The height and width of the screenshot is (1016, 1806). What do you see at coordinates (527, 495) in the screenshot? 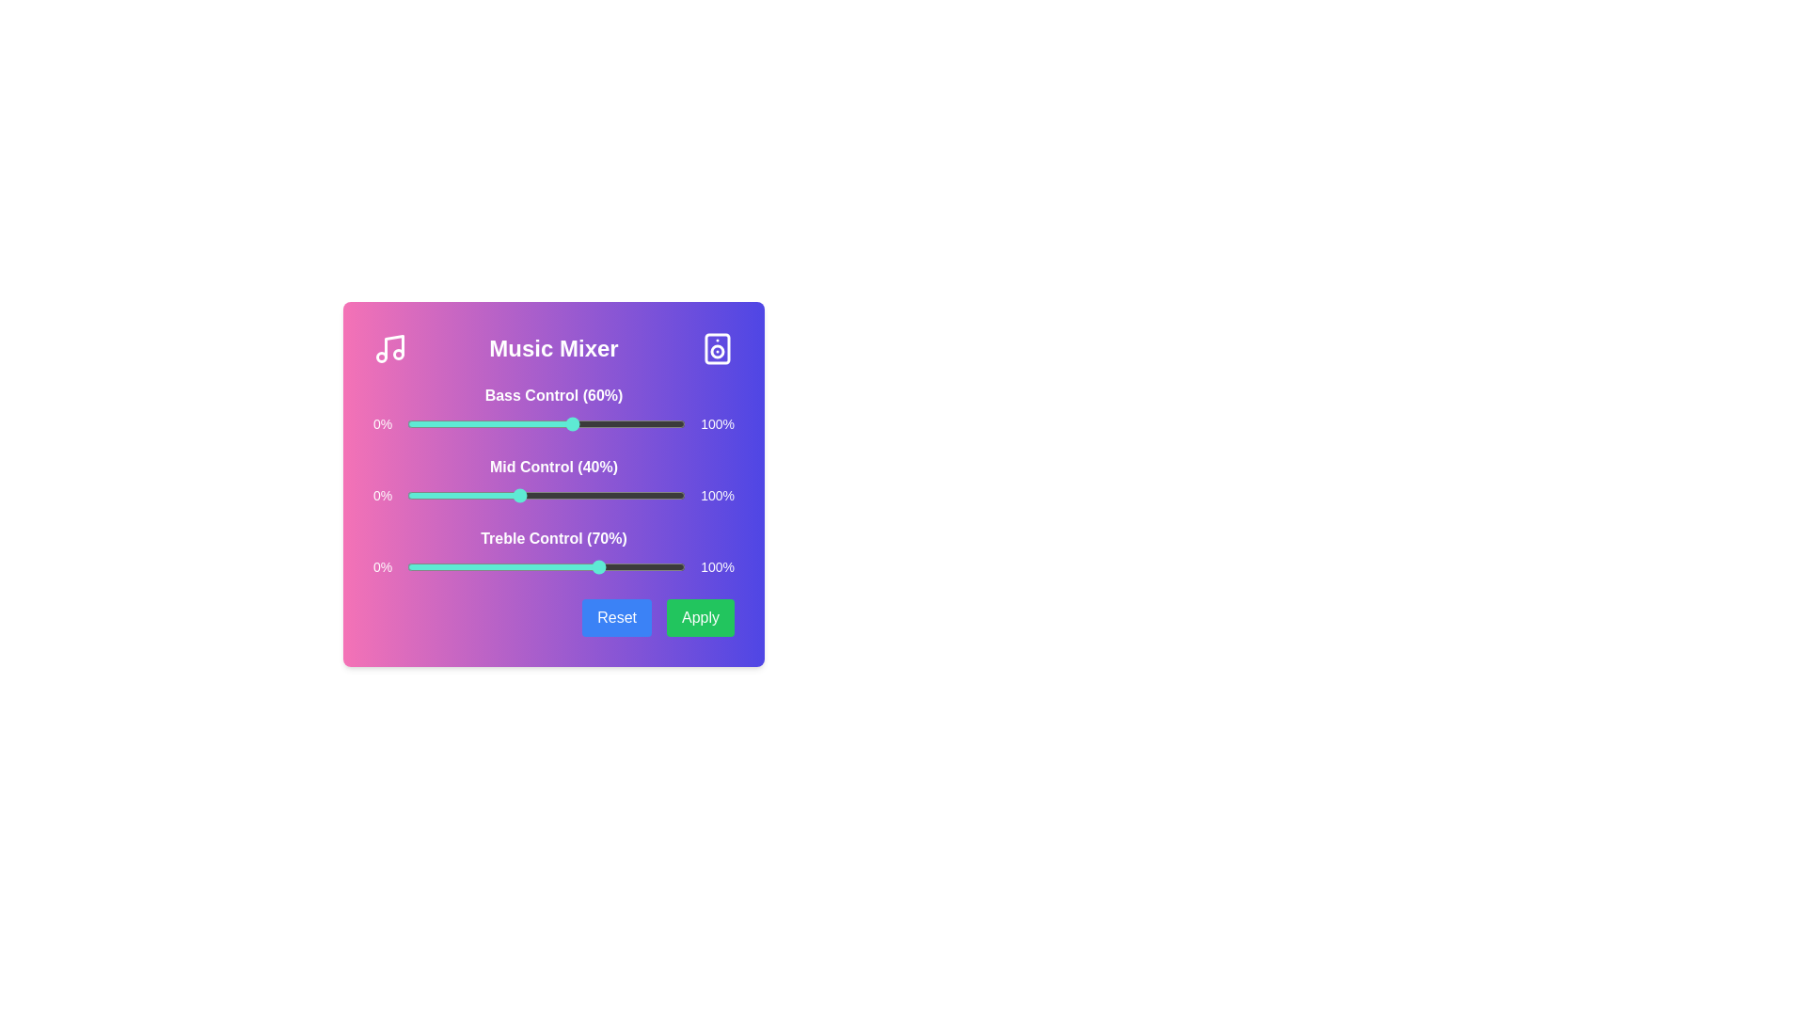
I see `the mid control slider to 43%` at bounding box center [527, 495].